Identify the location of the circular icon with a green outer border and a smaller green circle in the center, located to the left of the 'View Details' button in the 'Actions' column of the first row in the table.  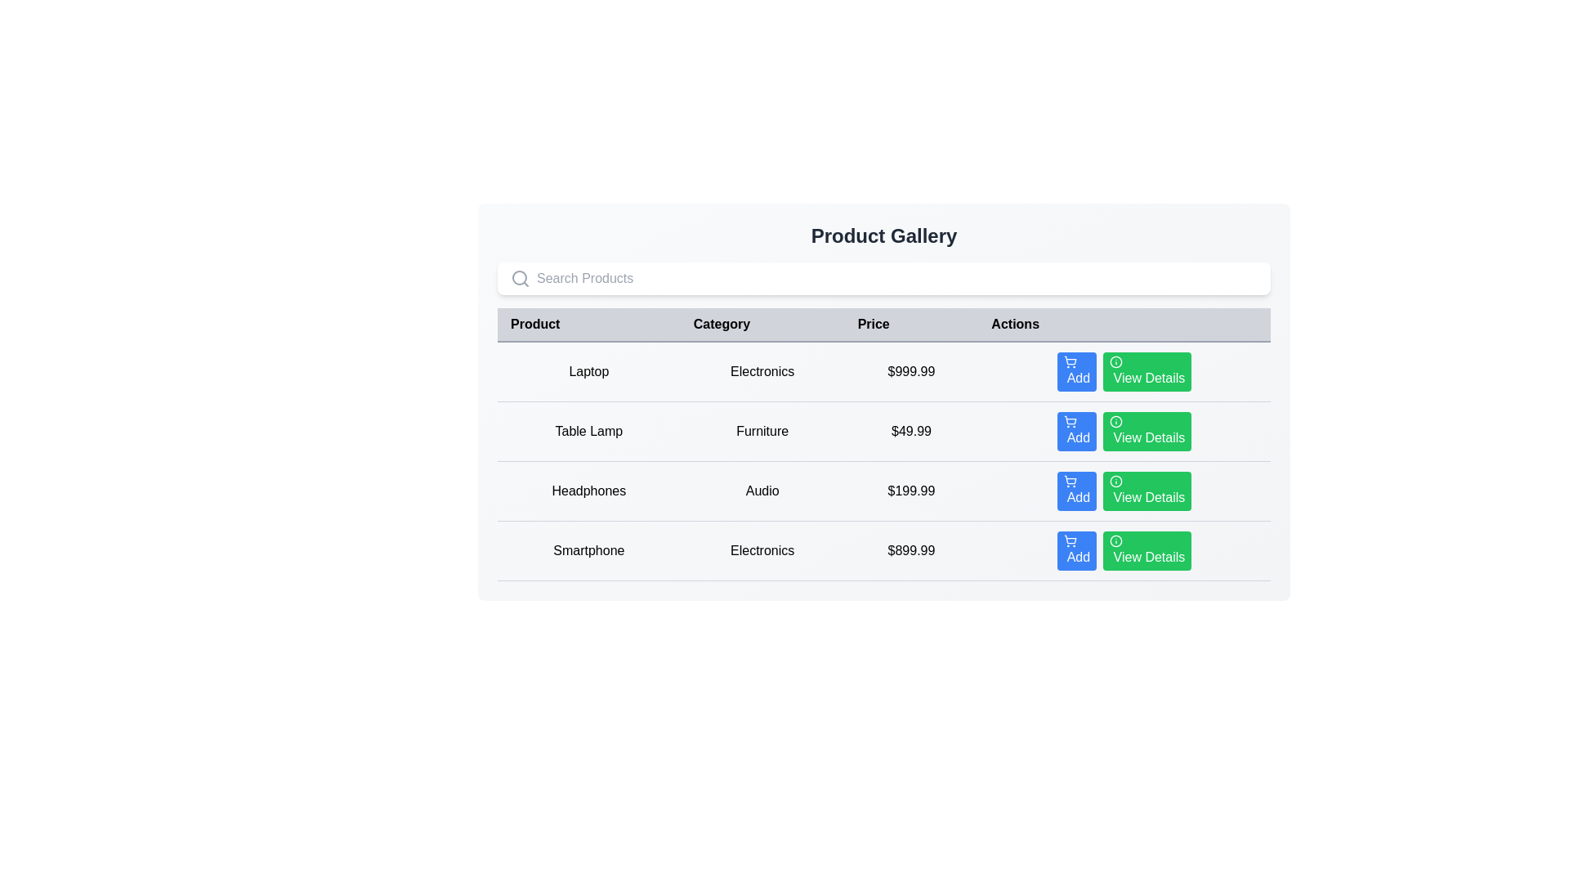
(1115, 361).